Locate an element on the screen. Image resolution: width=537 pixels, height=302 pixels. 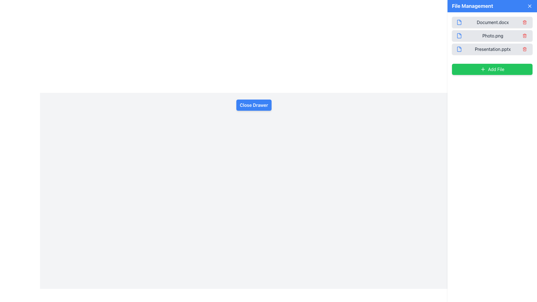
the blue file document icon located to the left of the text 'Photo.png' is located at coordinates (459, 36).